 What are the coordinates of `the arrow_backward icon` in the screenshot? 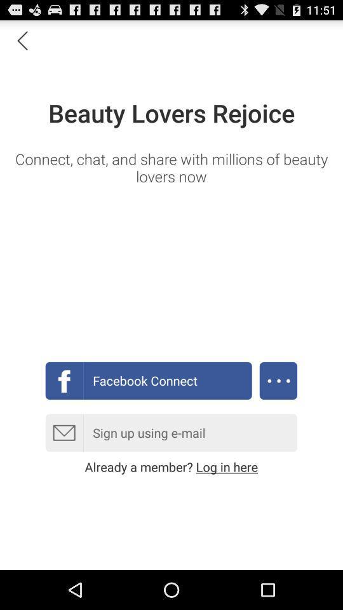 It's located at (22, 43).